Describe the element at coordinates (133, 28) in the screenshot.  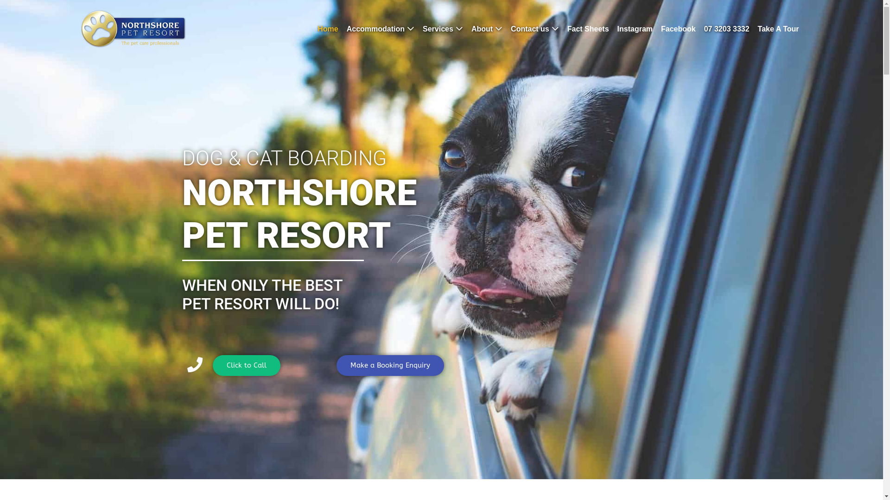
I see `'Northshore Pet Resort'` at that location.